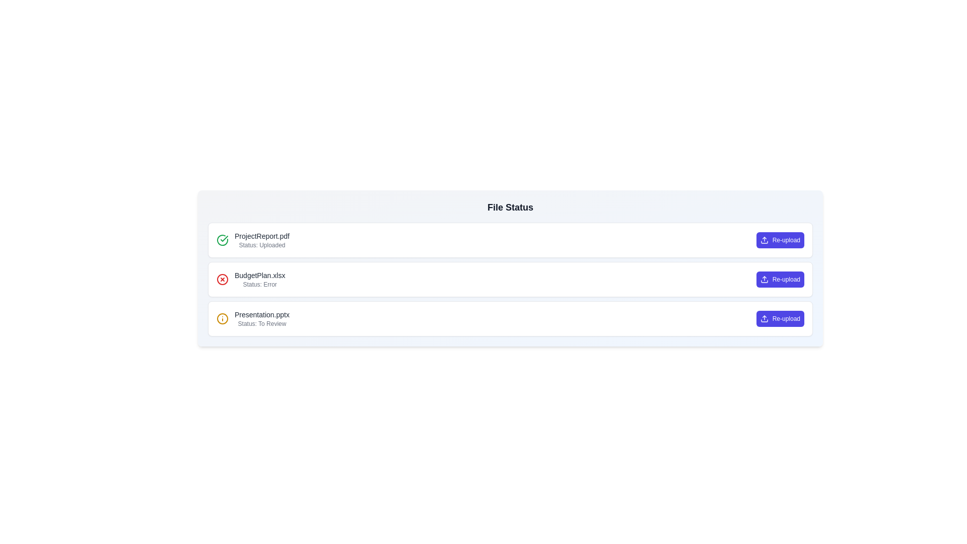  What do you see at coordinates (780, 240) in the screenshot?
I see `'Re-upload' button for the file ProjectReport.pdf` at bounding box center [780, 240].